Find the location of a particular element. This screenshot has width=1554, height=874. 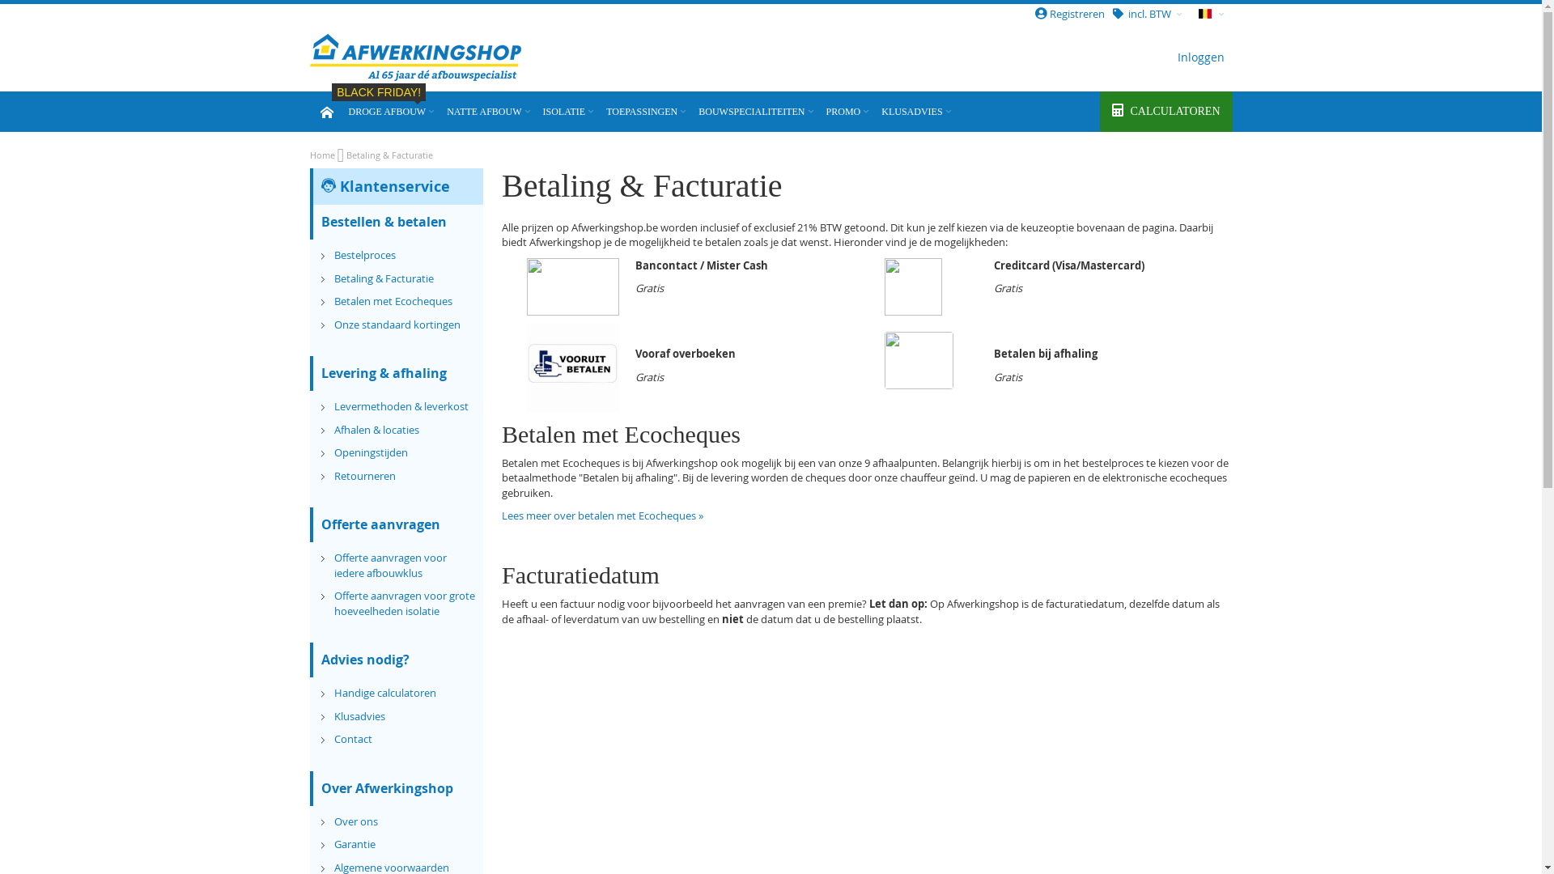

'Klantenservice' is located at coordinates (384, 185).